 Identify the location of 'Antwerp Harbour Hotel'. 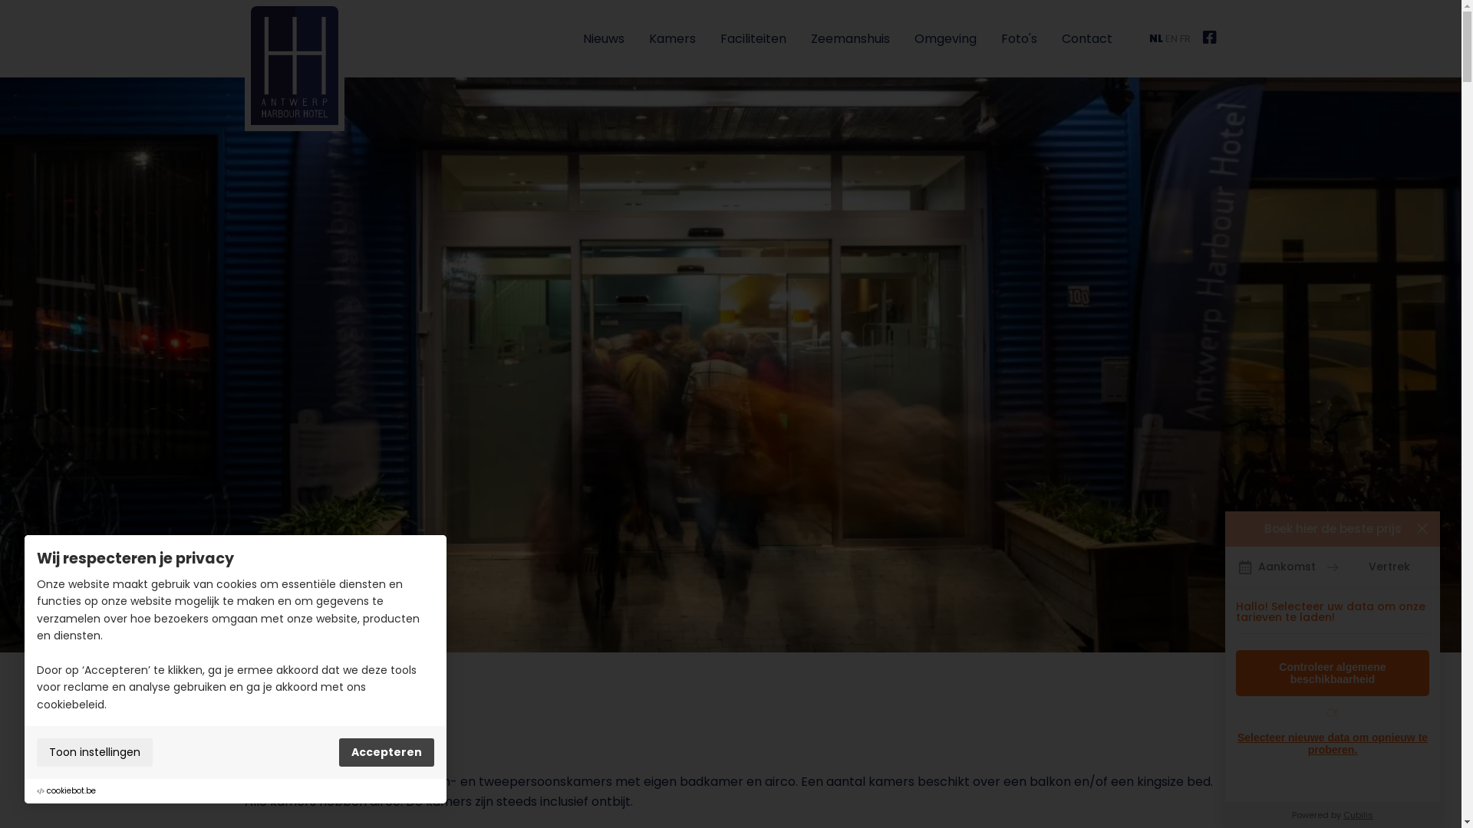
(294, 64).